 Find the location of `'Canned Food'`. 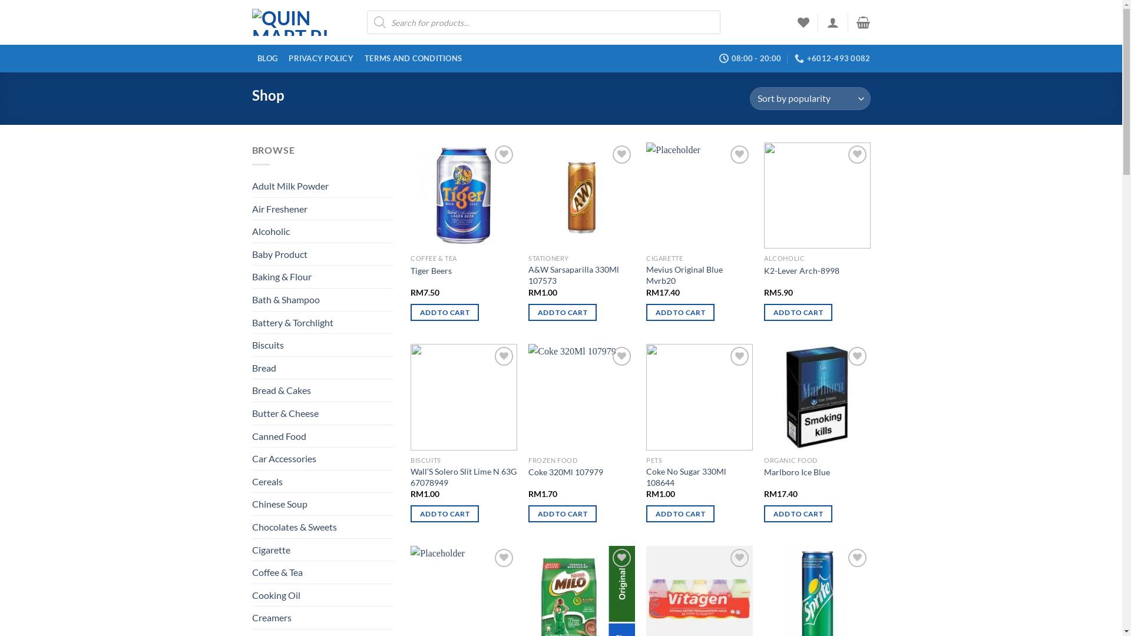

'Canned Food' is located at coordinates (322, 436).